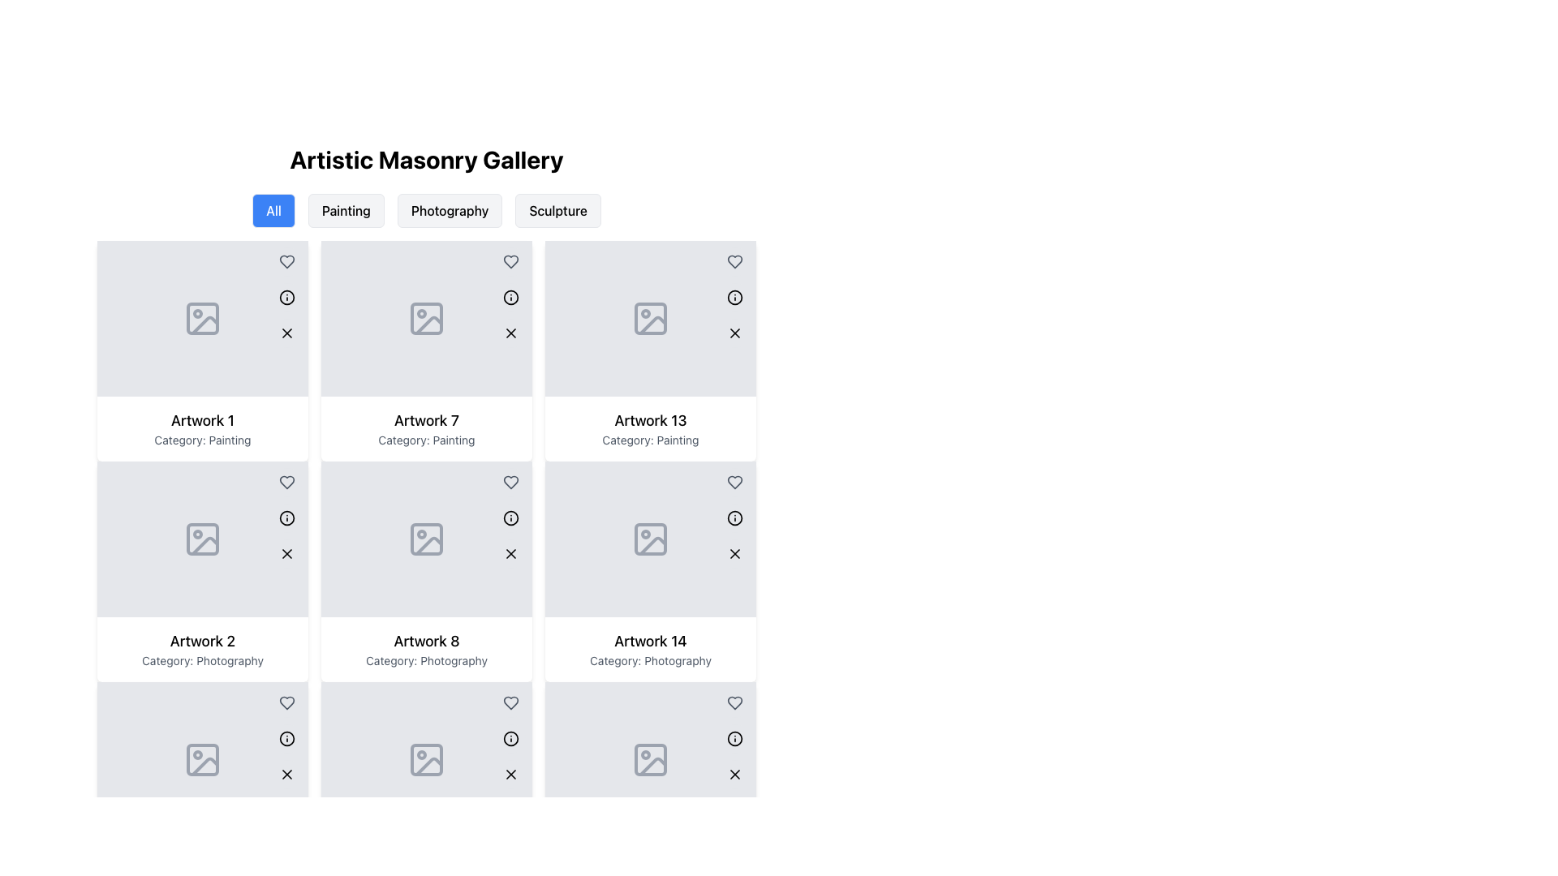 The width and height of the screenshot is (1558, 876). I want to click on the circular button with a gray background and white bordered information icon located in the top right corner of the 'Artwork 8' card, so click(510, 518).